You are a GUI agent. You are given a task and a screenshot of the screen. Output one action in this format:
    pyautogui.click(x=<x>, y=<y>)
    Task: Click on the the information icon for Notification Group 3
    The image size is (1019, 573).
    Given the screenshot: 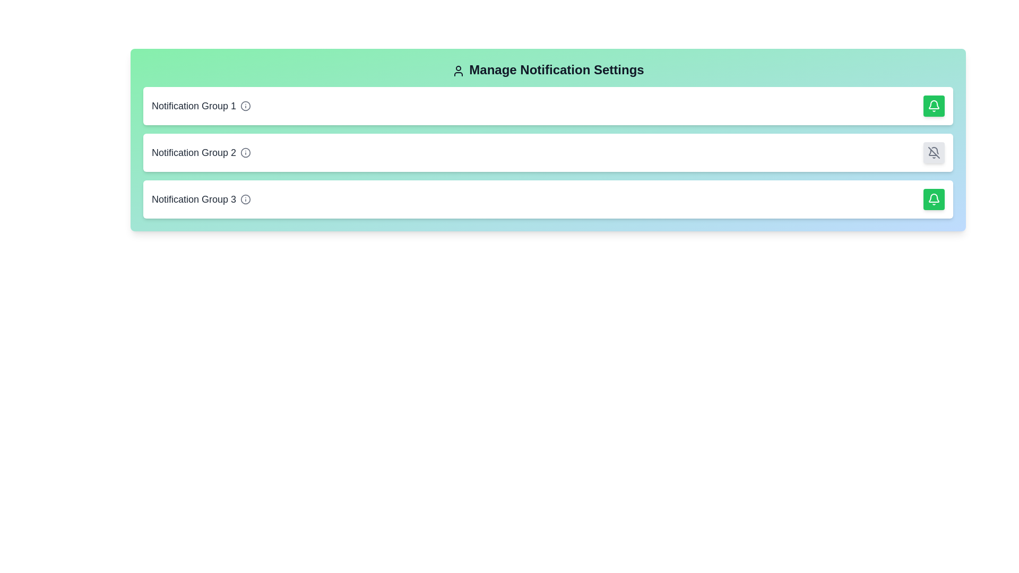 What is the action you would take?
    pyautogui.click(x=245, y=199)
    